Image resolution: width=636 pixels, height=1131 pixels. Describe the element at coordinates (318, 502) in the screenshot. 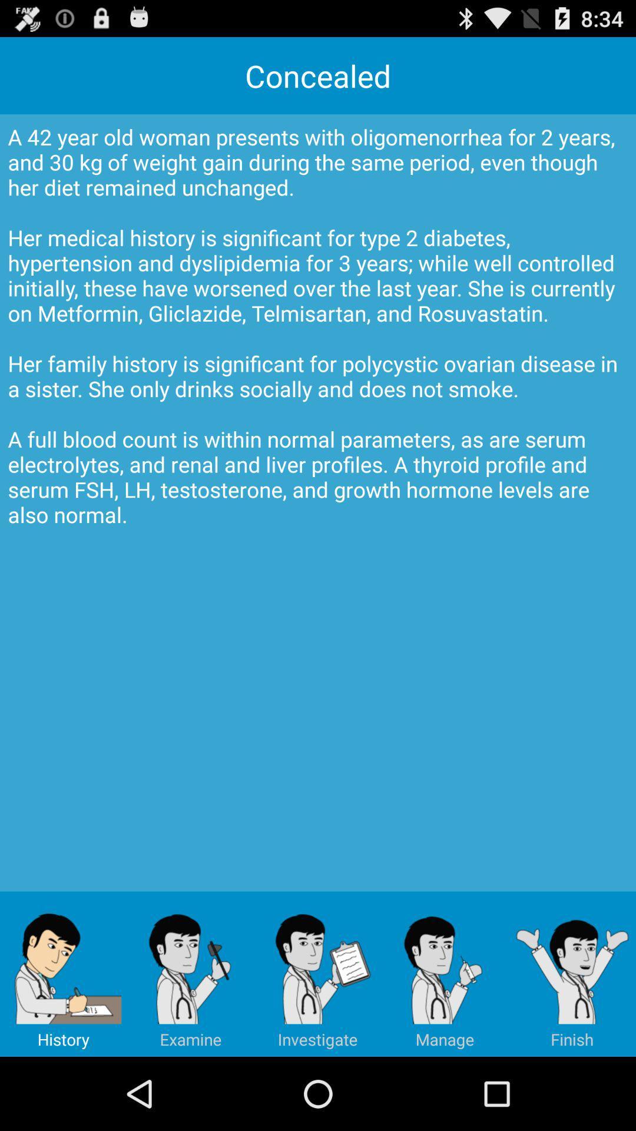

I see `a 42 year at the center` at that location.